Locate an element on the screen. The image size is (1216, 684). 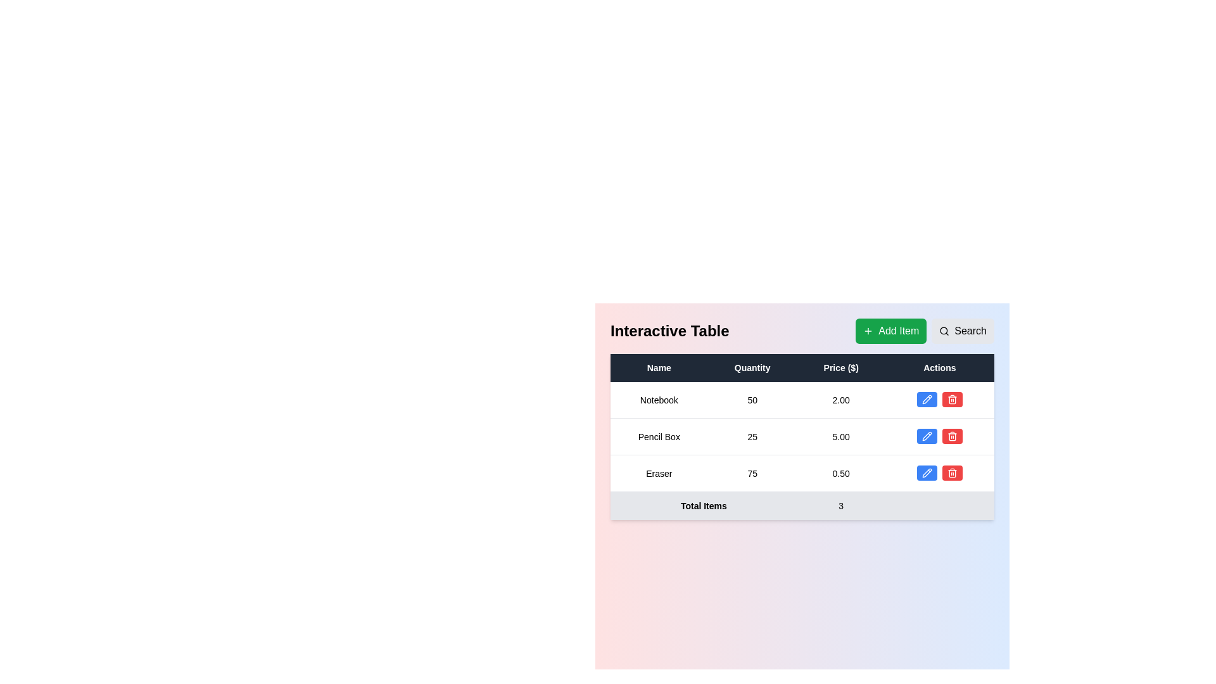
the delete button located in the 'Actions' column of the third row of the table, which is positioned to the right of a blue button with a pencil icon is located at coordinates (952, 473).